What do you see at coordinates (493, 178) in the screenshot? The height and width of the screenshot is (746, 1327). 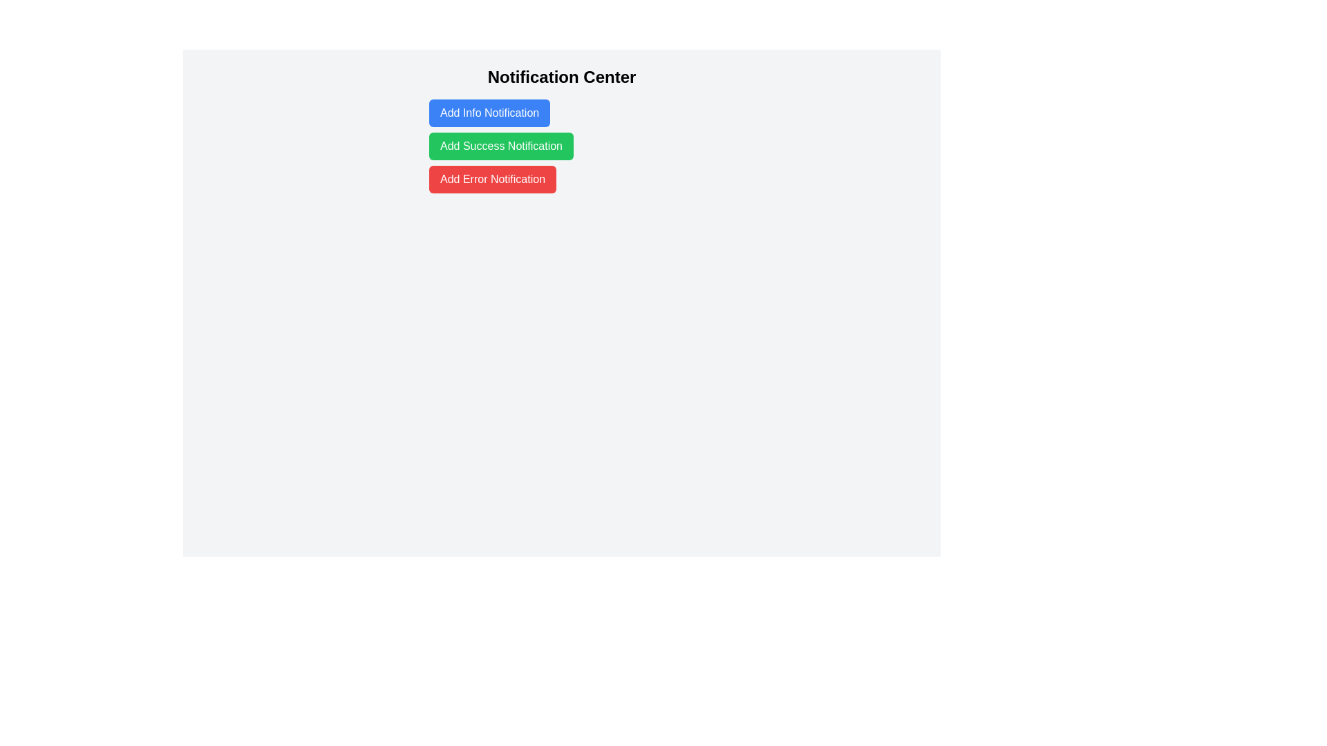 I see `the red button labeled 'Add Error Notification' to observe any potential hover effects` at bounding box center [493, 178].